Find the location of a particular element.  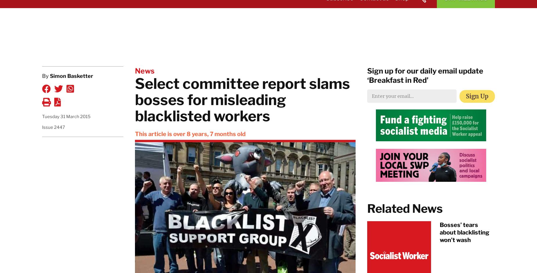

'SWP TV' is located at coordinates (414, 22).